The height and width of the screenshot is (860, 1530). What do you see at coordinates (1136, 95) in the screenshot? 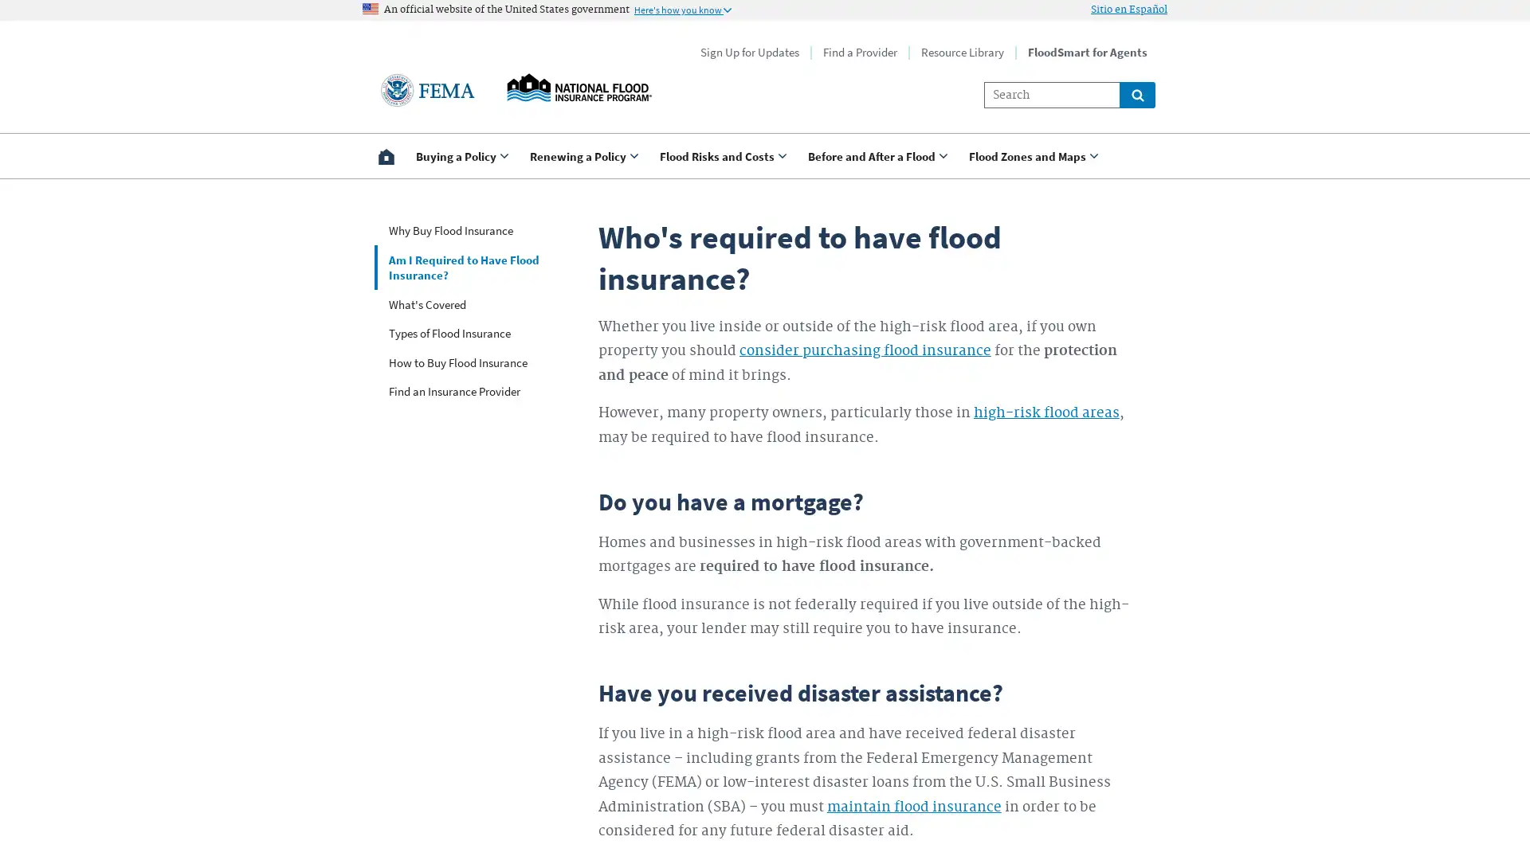
I see `Global search for site links and content throught floodsmart` at bounding box center [1136, 95].